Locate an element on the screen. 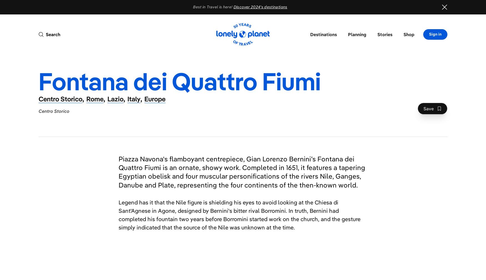  'Stadio di Domiziano' is located at coordinates (389, 264).